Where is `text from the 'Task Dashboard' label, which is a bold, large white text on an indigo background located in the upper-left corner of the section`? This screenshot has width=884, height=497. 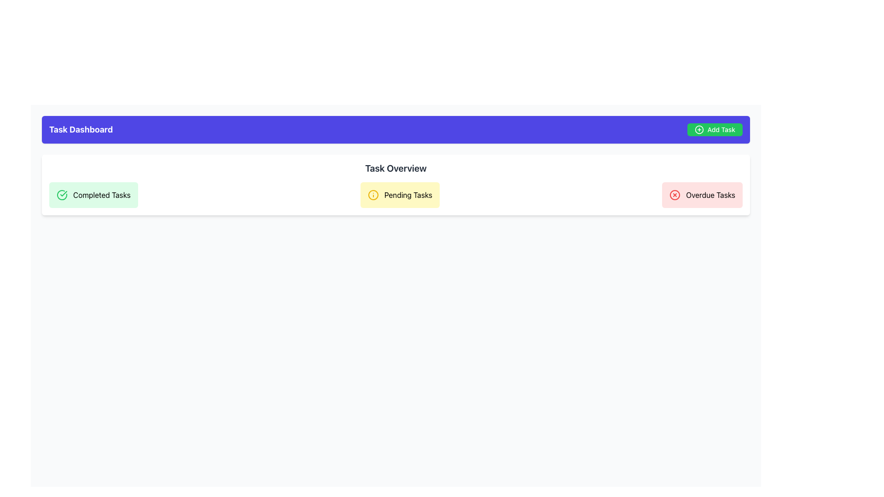 text from the 'Task Dashboard' label, which is a bold, large white text on an indigo background located in the upper-left corner of the section is located at coordinates (81, 129).